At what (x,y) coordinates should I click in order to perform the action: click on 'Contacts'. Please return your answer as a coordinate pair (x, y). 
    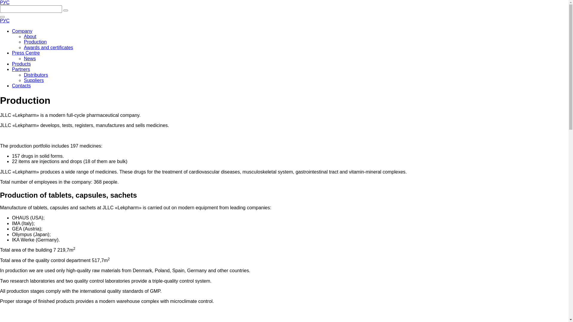
    Looking at the image, I should click on (21, 86).